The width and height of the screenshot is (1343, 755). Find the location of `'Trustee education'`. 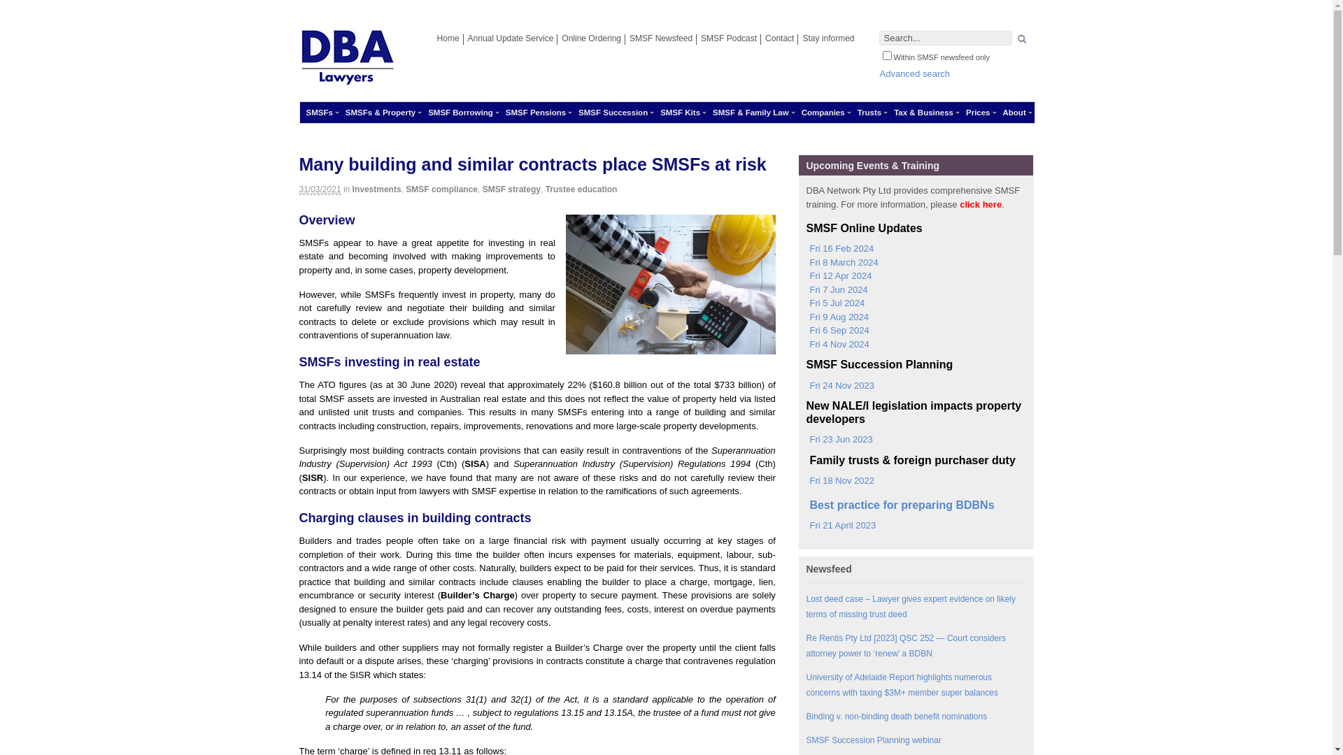

'Trustee education' is located at coordinates (581, 189).